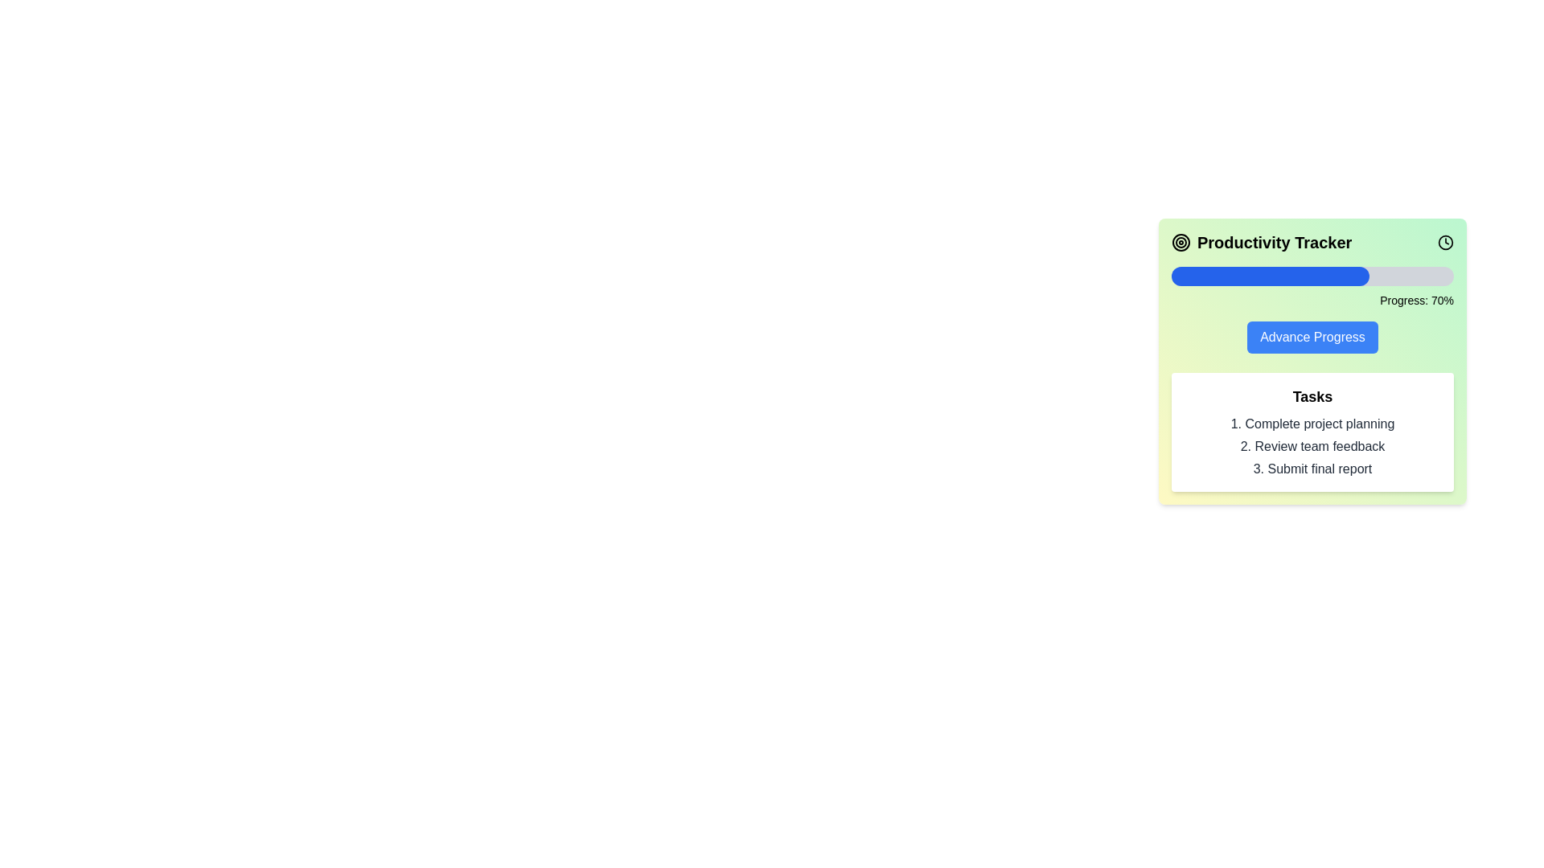  Describe the element at coordinates (1312, 431) in the screenshot. I see `tasks listed in the 'Tasks' List component, which is a white rounded rectangle containing a bold title and a numbered list of three items` at that location.